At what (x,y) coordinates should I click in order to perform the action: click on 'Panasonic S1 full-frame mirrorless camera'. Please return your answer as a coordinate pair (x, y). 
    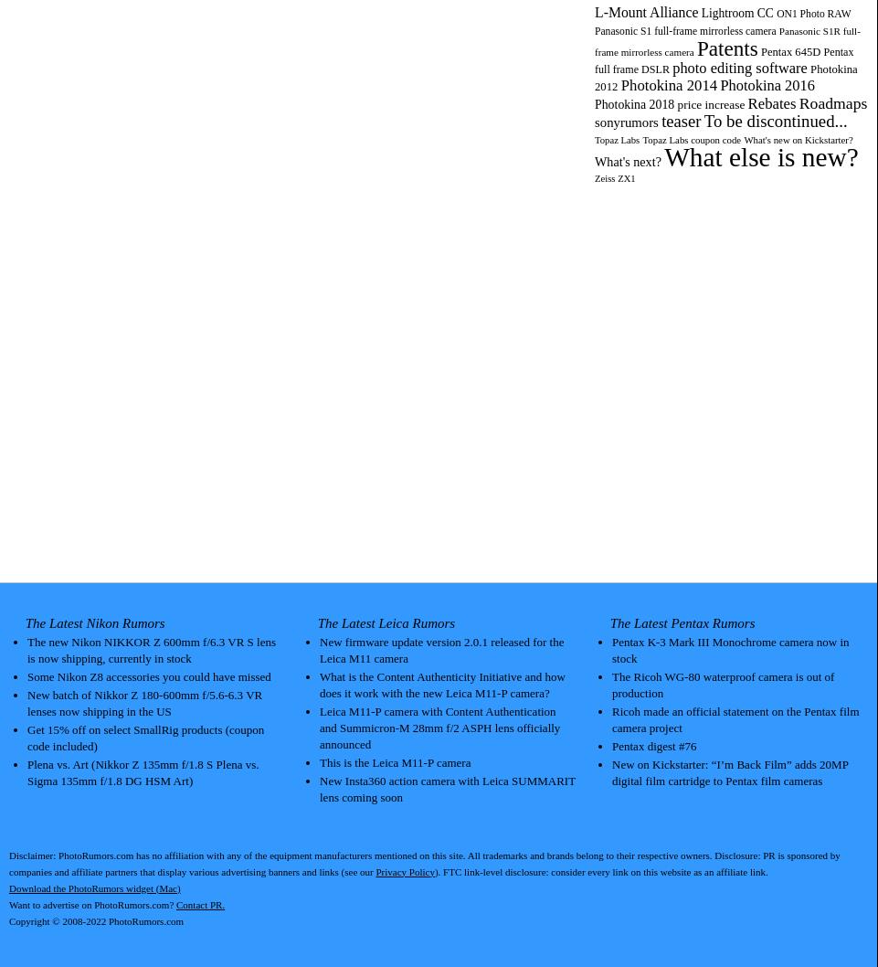
    Looking at the image, I should click on (683, 30).